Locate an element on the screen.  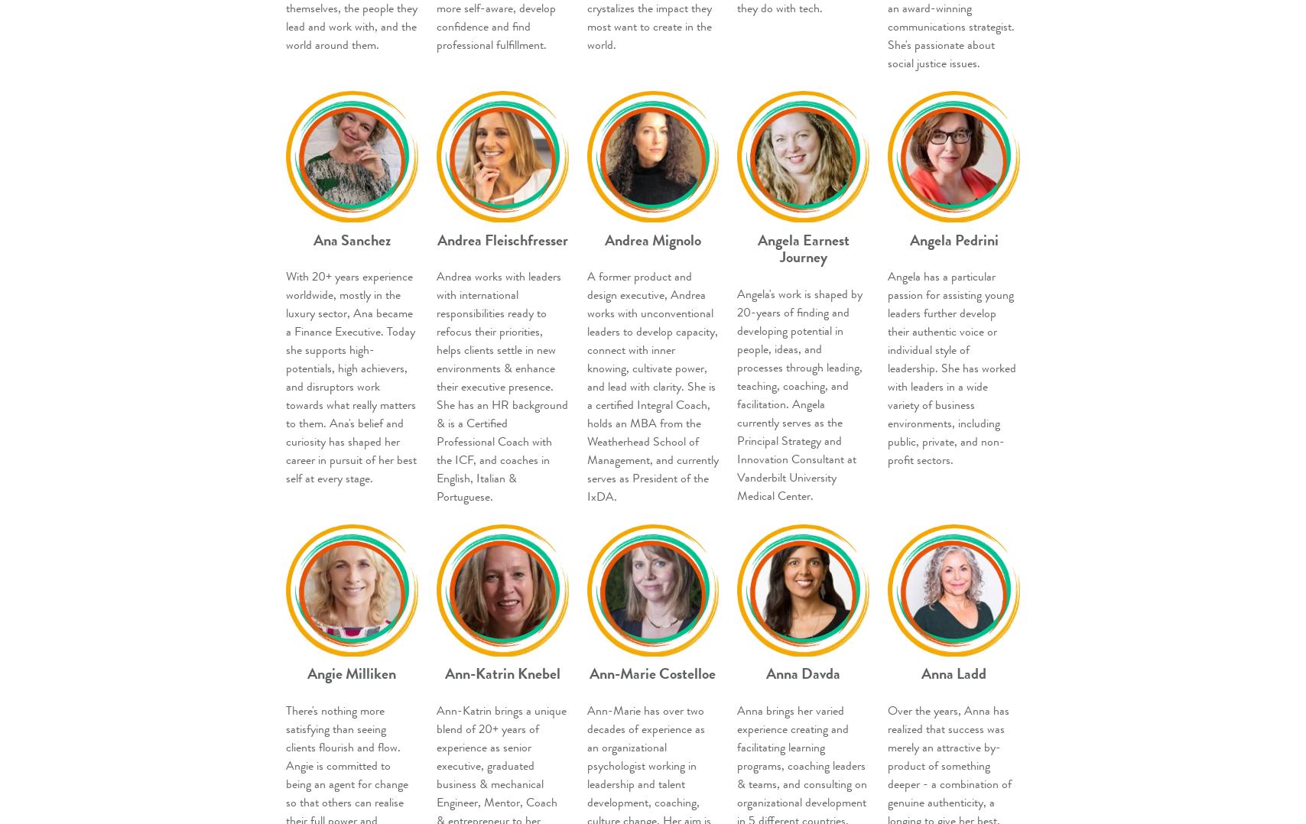
'Angela Earnest Journey' is located at coordinates (756, 248).